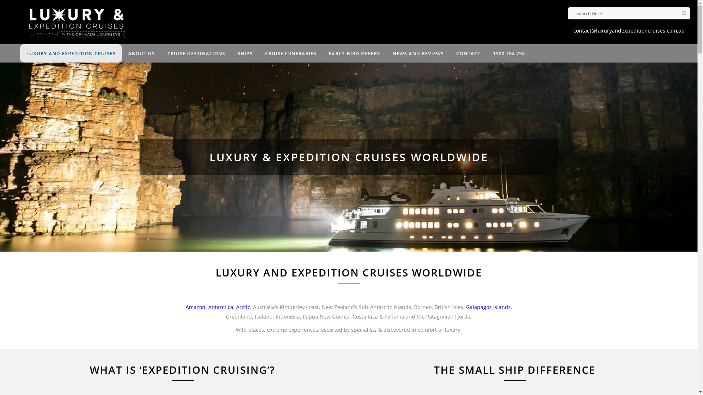 The image size is (703, 395). I want to click on 'CRUISE ITINERARIES', so click(258, 53).